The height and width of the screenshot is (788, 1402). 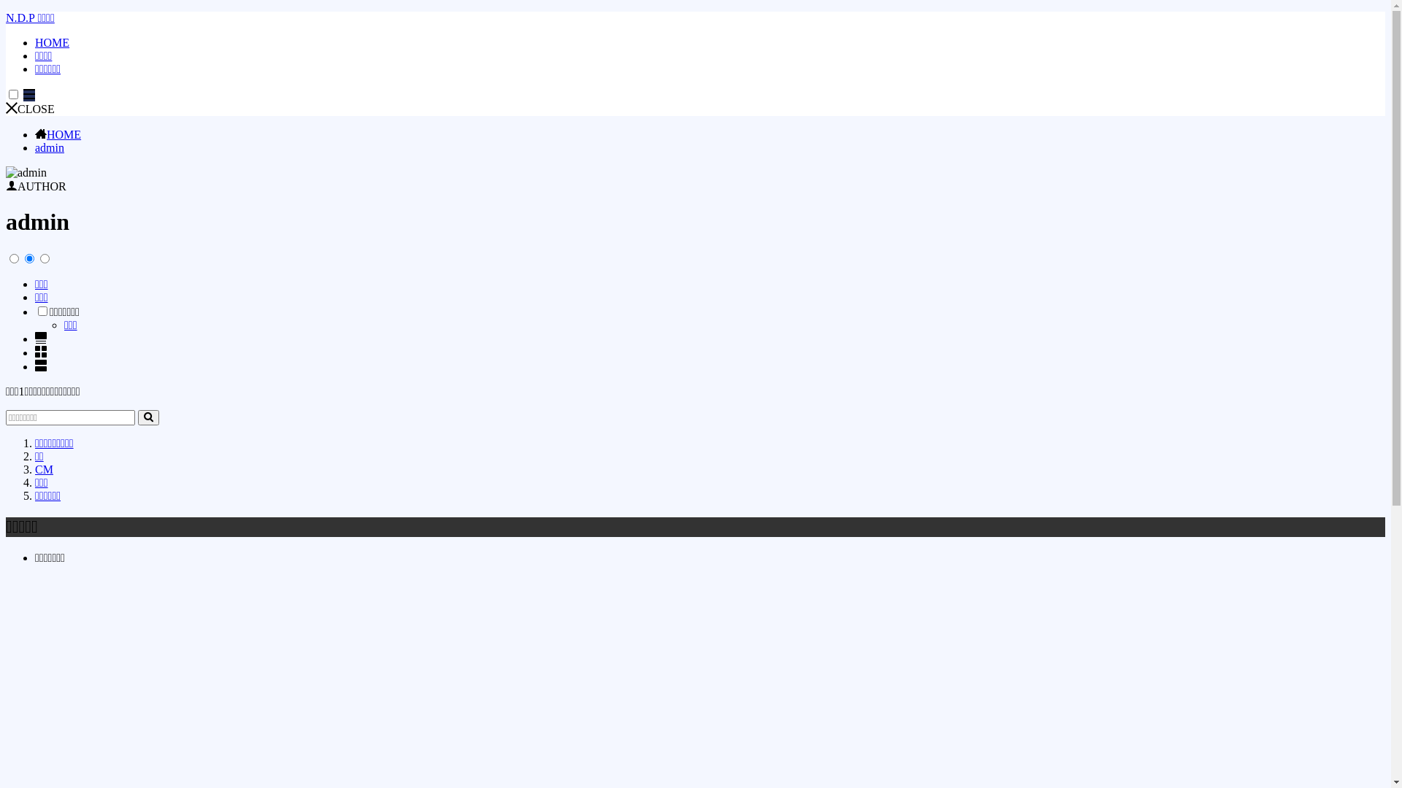 What do you see at coordinates (148, 417) in the screenshot?
I see `'search'` at bounding box center [148, 417].